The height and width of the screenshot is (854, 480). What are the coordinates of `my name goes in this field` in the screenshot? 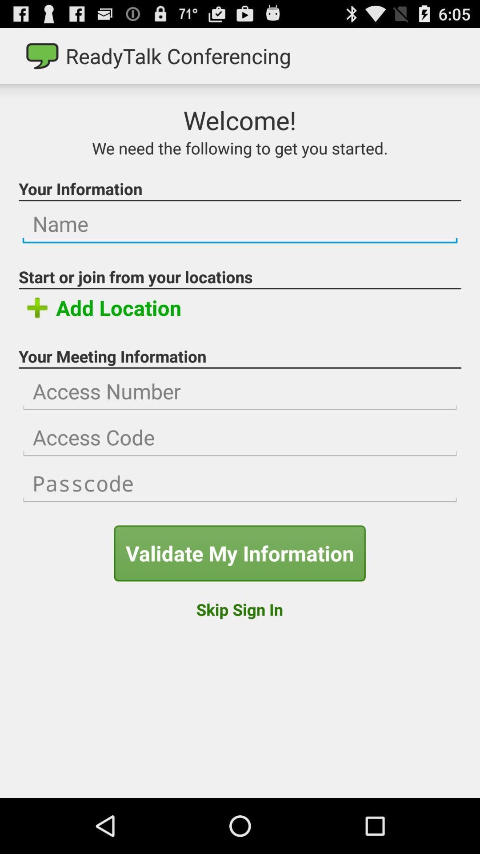 It's located at (240, 224).